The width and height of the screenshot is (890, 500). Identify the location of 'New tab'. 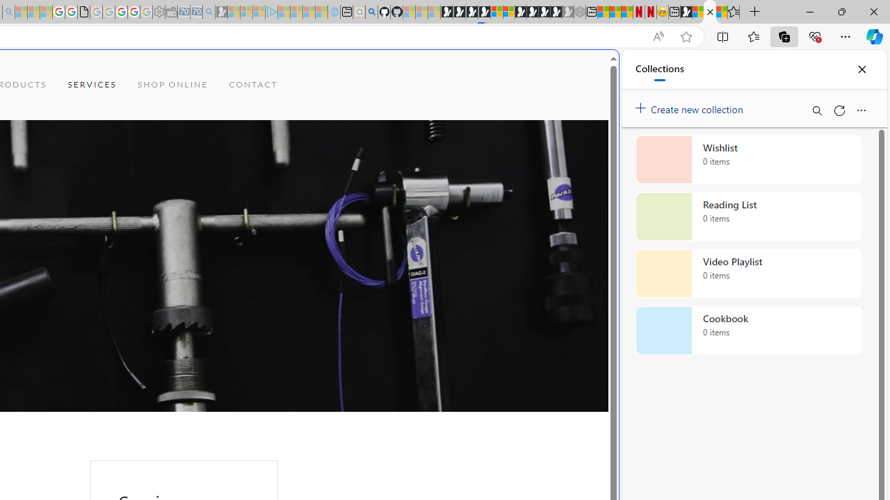
(674, 12).